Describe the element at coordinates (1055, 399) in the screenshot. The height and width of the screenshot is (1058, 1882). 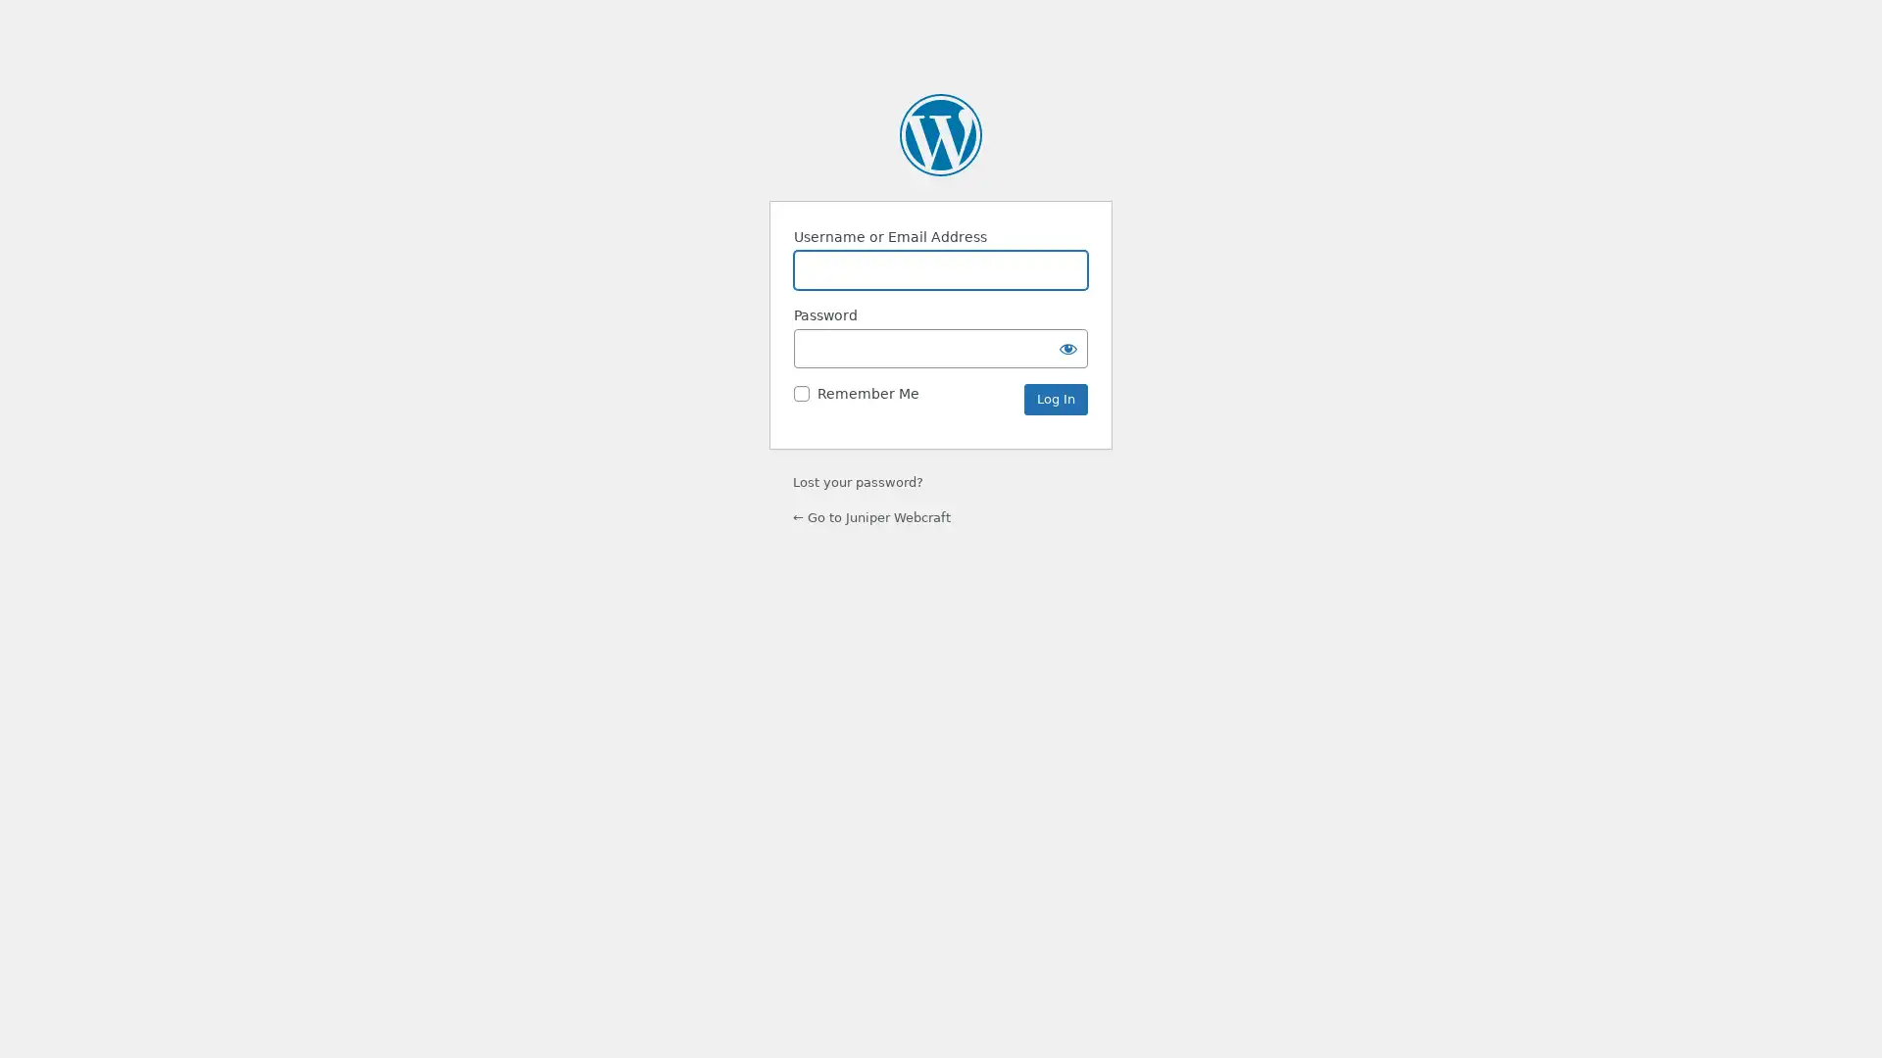
I see `Log In` at that location.